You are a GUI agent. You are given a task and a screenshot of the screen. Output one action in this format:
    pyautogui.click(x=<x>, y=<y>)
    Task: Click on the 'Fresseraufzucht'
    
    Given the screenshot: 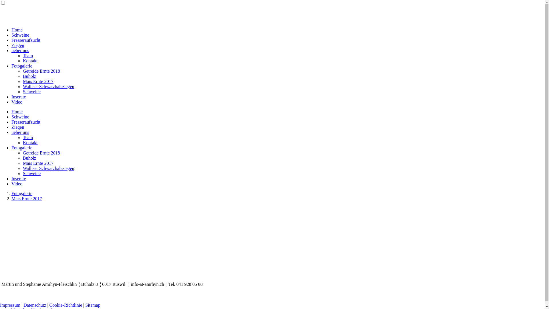 What is the action you would take?
    pyautogui.click(x=25, y=40)
    